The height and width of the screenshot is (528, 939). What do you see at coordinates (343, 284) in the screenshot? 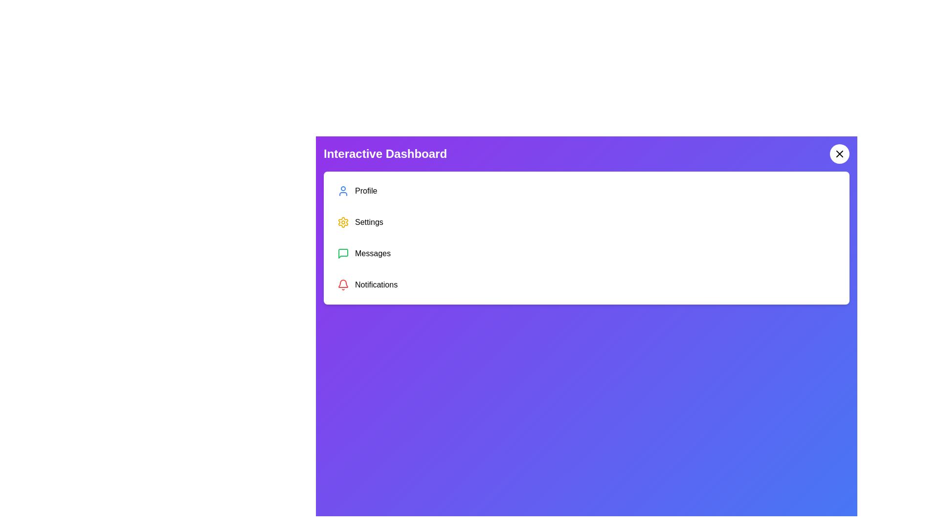
I see `the bell icon located in the notifications row adjacent to the text 'Notifications'` at bounding box center [343, 284].